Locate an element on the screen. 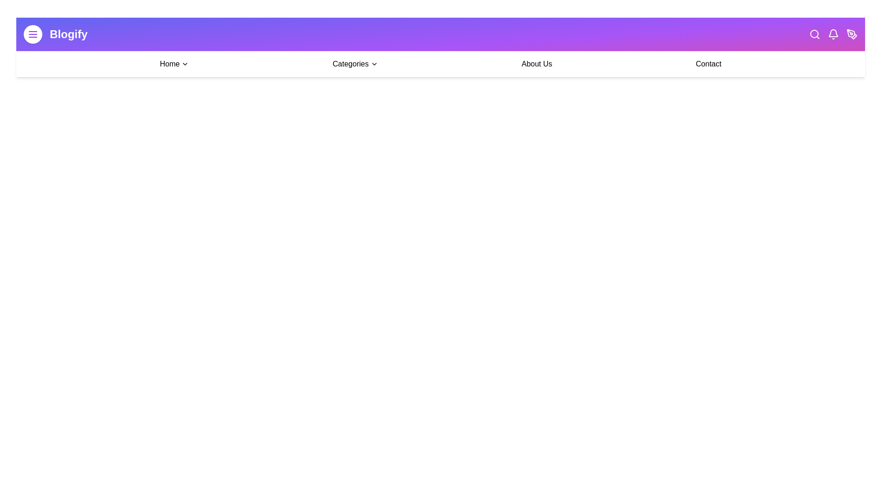  the search icon to initiate a search is located at coordinates (814, 33).